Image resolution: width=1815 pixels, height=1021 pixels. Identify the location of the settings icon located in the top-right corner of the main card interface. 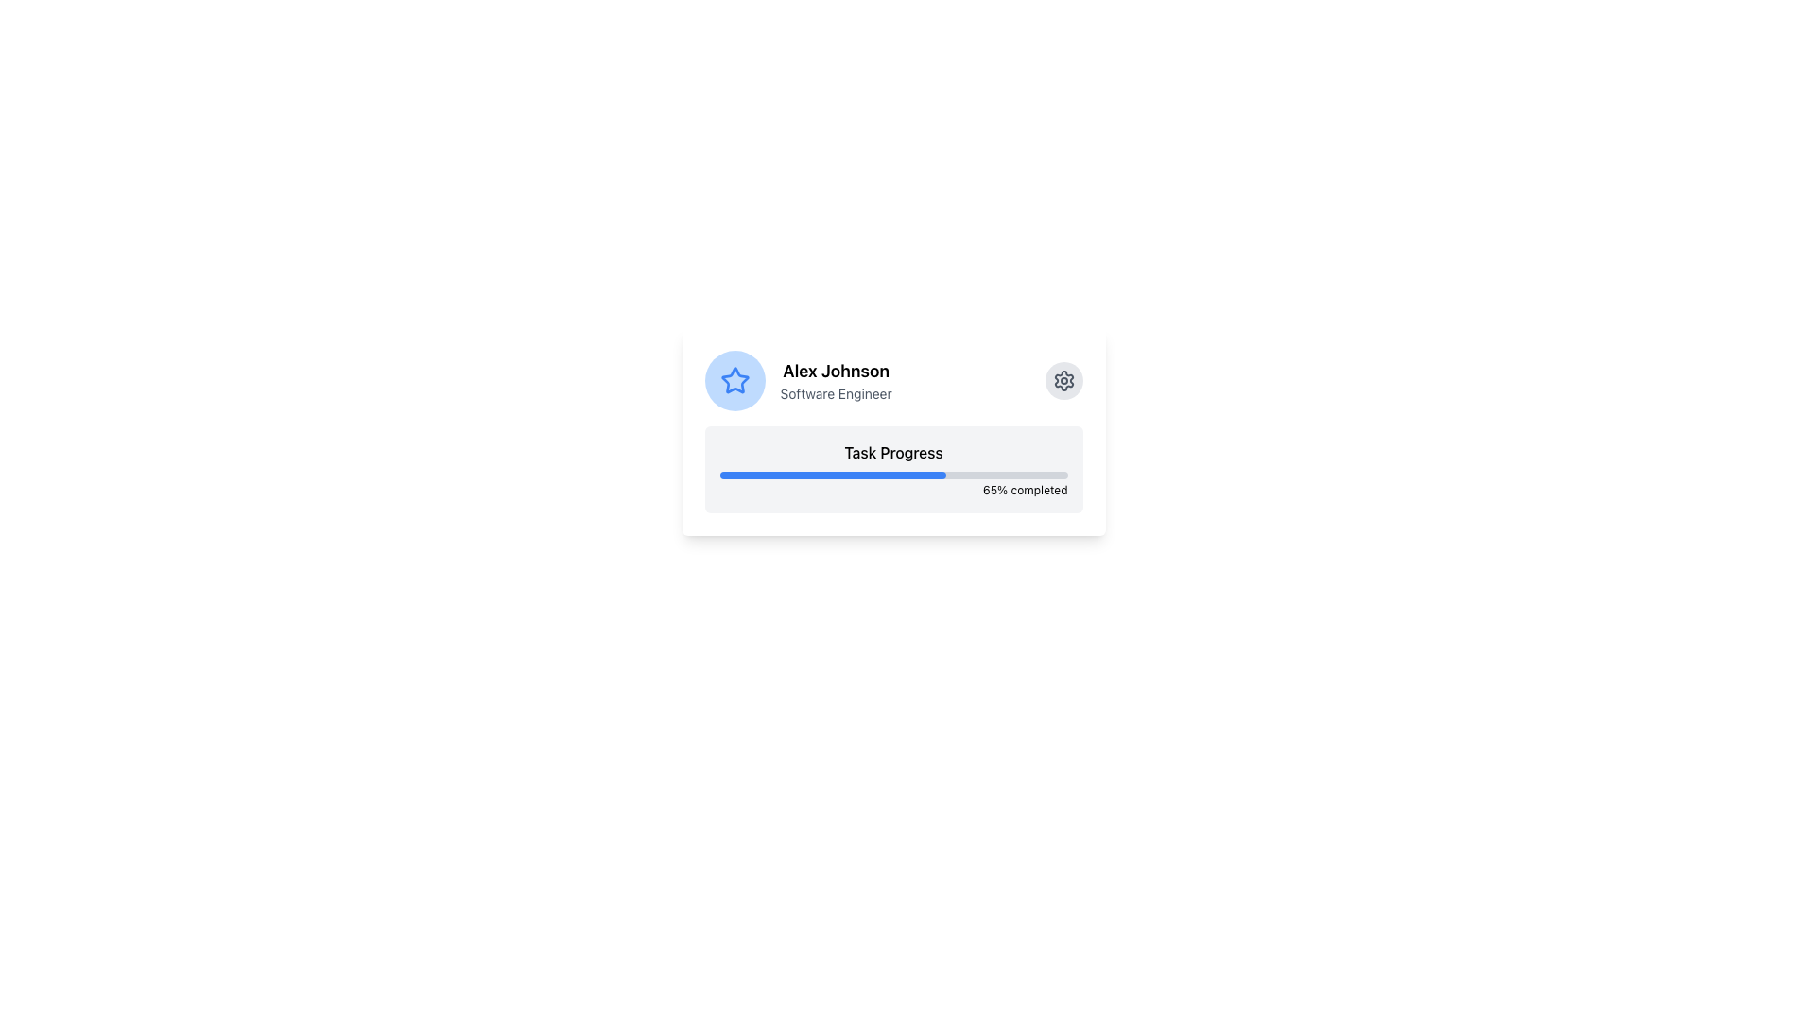
(1063, 380).